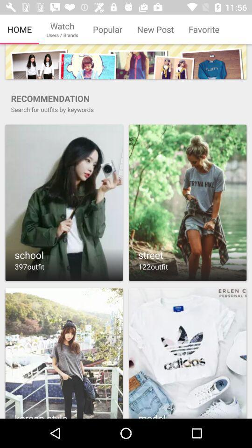 The height and width of the screenshot is (448, 252). Describe the element at coordinates (188, 352) in the screenshot. I see `choose the adidas` at that location.